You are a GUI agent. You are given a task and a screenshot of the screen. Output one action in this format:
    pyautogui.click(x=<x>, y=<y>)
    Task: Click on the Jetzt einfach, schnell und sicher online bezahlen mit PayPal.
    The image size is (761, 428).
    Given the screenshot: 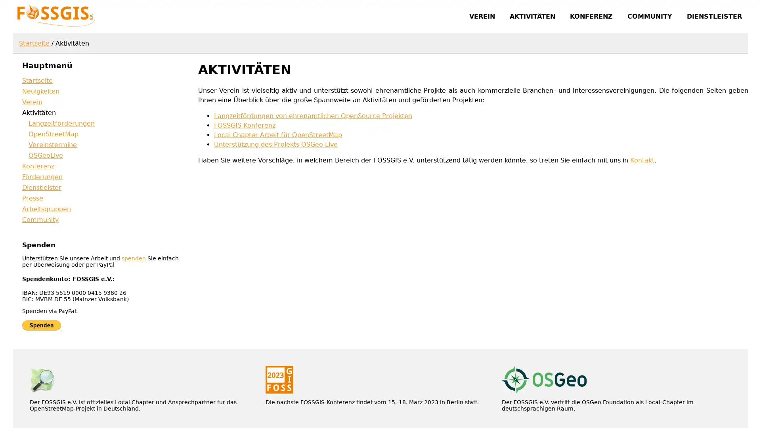 What is the action you would take?
    pyautogui.click(x=41, y=325)
    